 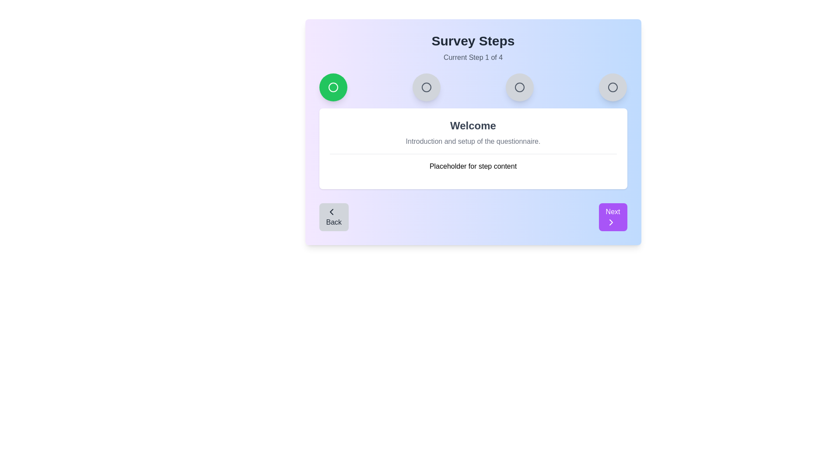 I want to click on the step progression indicator, which visually shows the current step as highlighted among four steps, located below 'Current Step 1 of 4', so click(x=472, y=87).